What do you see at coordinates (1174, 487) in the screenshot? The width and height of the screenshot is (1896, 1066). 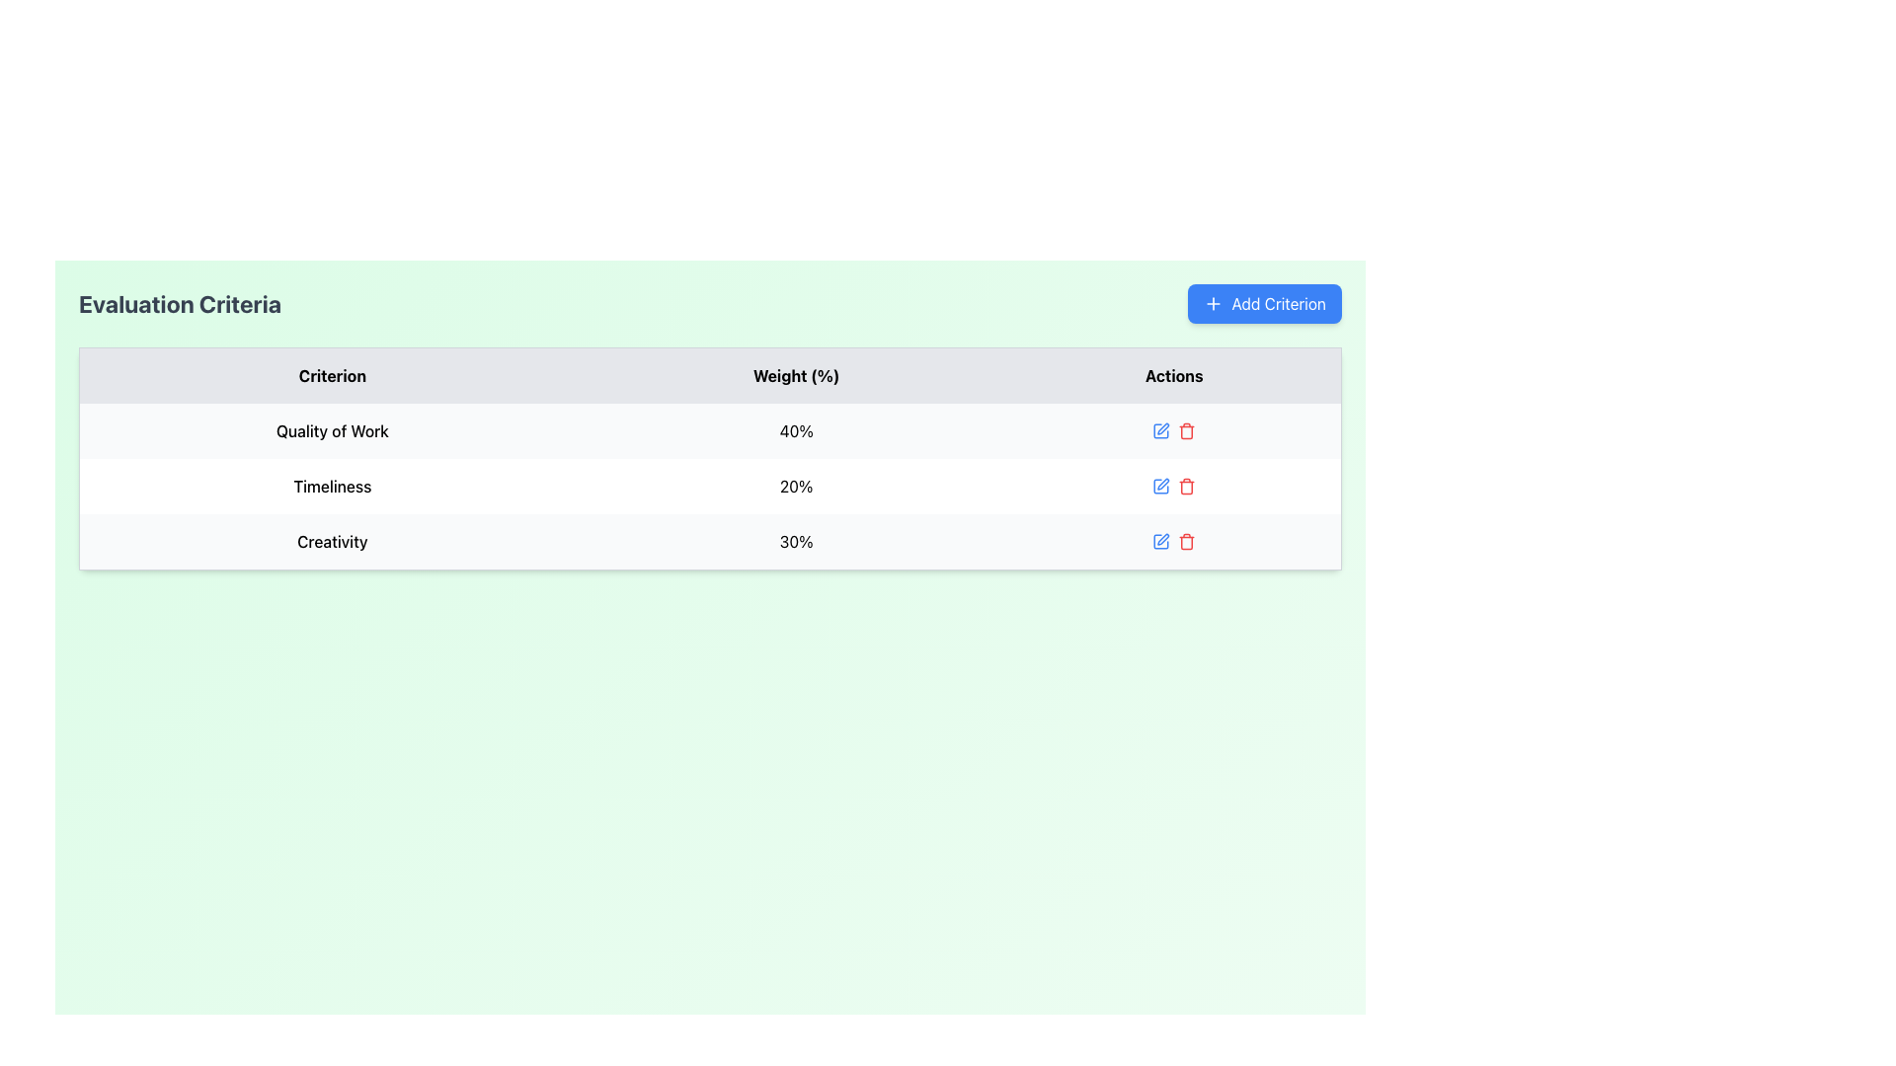 I see `the empty UI space located in the 'Actions' column of the 'Timeliness' row, positioned between the edit and delete icons` at bounding box center [1174, 487].